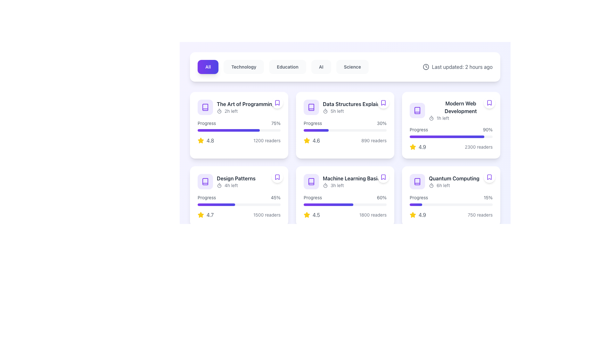 Image resolution: width=615 pixels, height=346 pixels. I want to click on the 'Modern Web Development' informational content card located in the third column of the first row of the grid layout for navigation, so click(451, 125).